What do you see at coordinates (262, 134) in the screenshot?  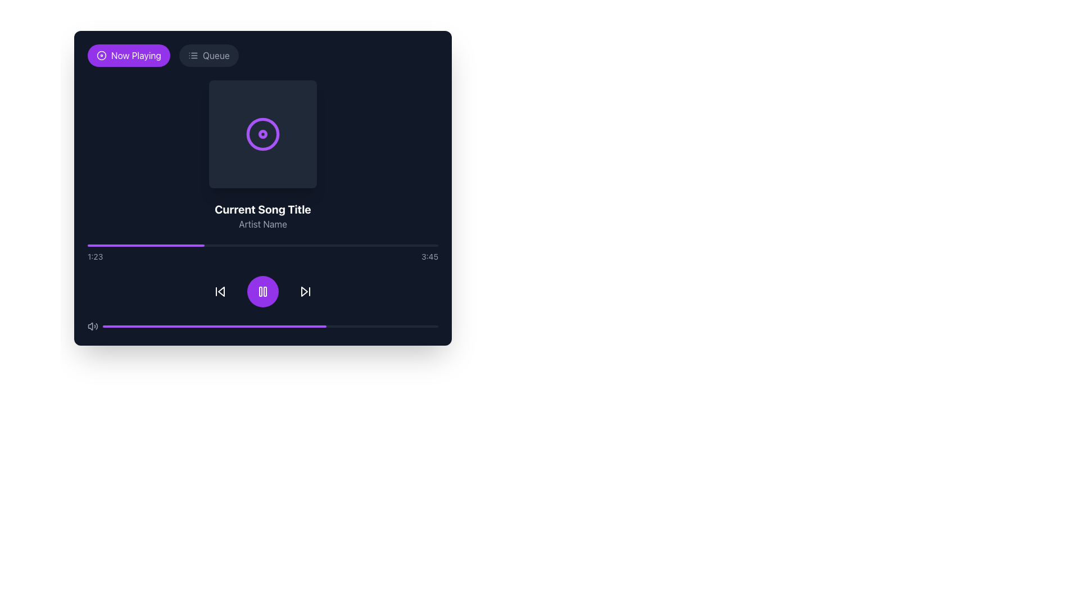 I see `the small circular shape located at the center of the spinning disk within the graphical player interface` at bounding box center [262, 134].